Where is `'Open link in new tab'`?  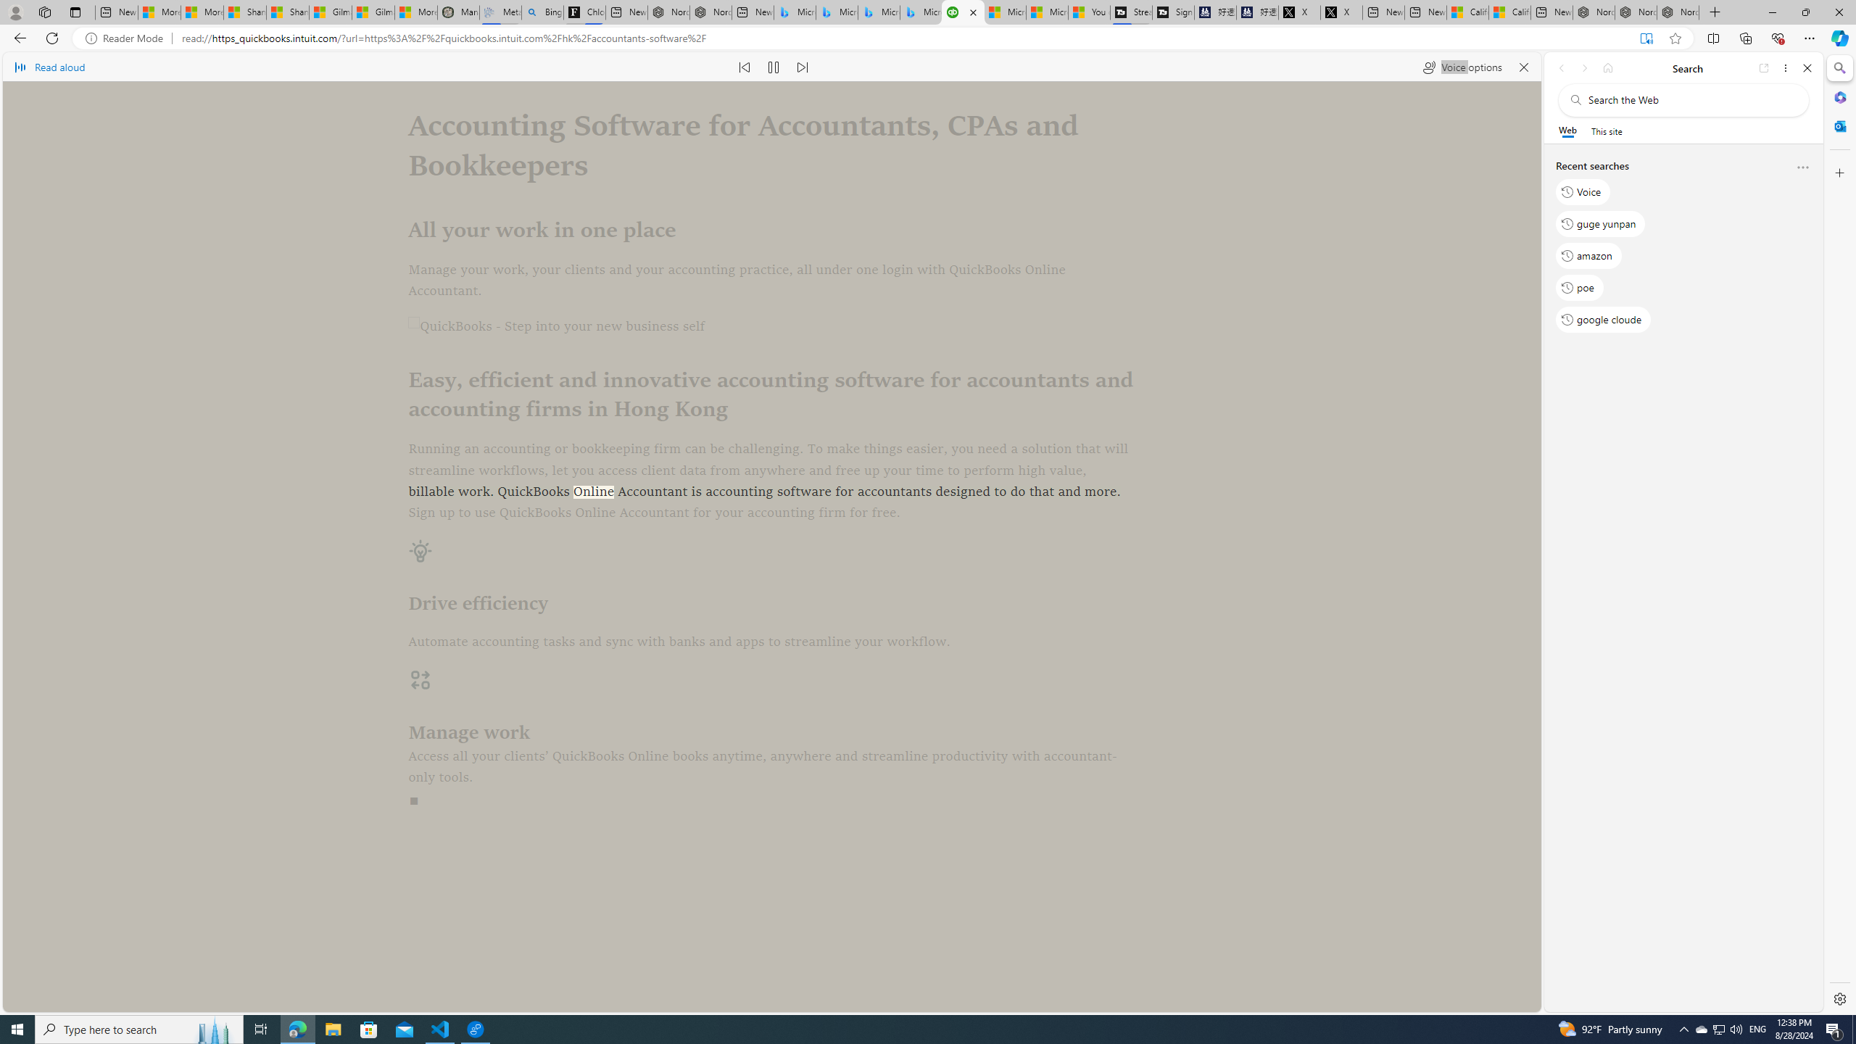 'Open link in new tab' is located at coordinates (1764, 67).